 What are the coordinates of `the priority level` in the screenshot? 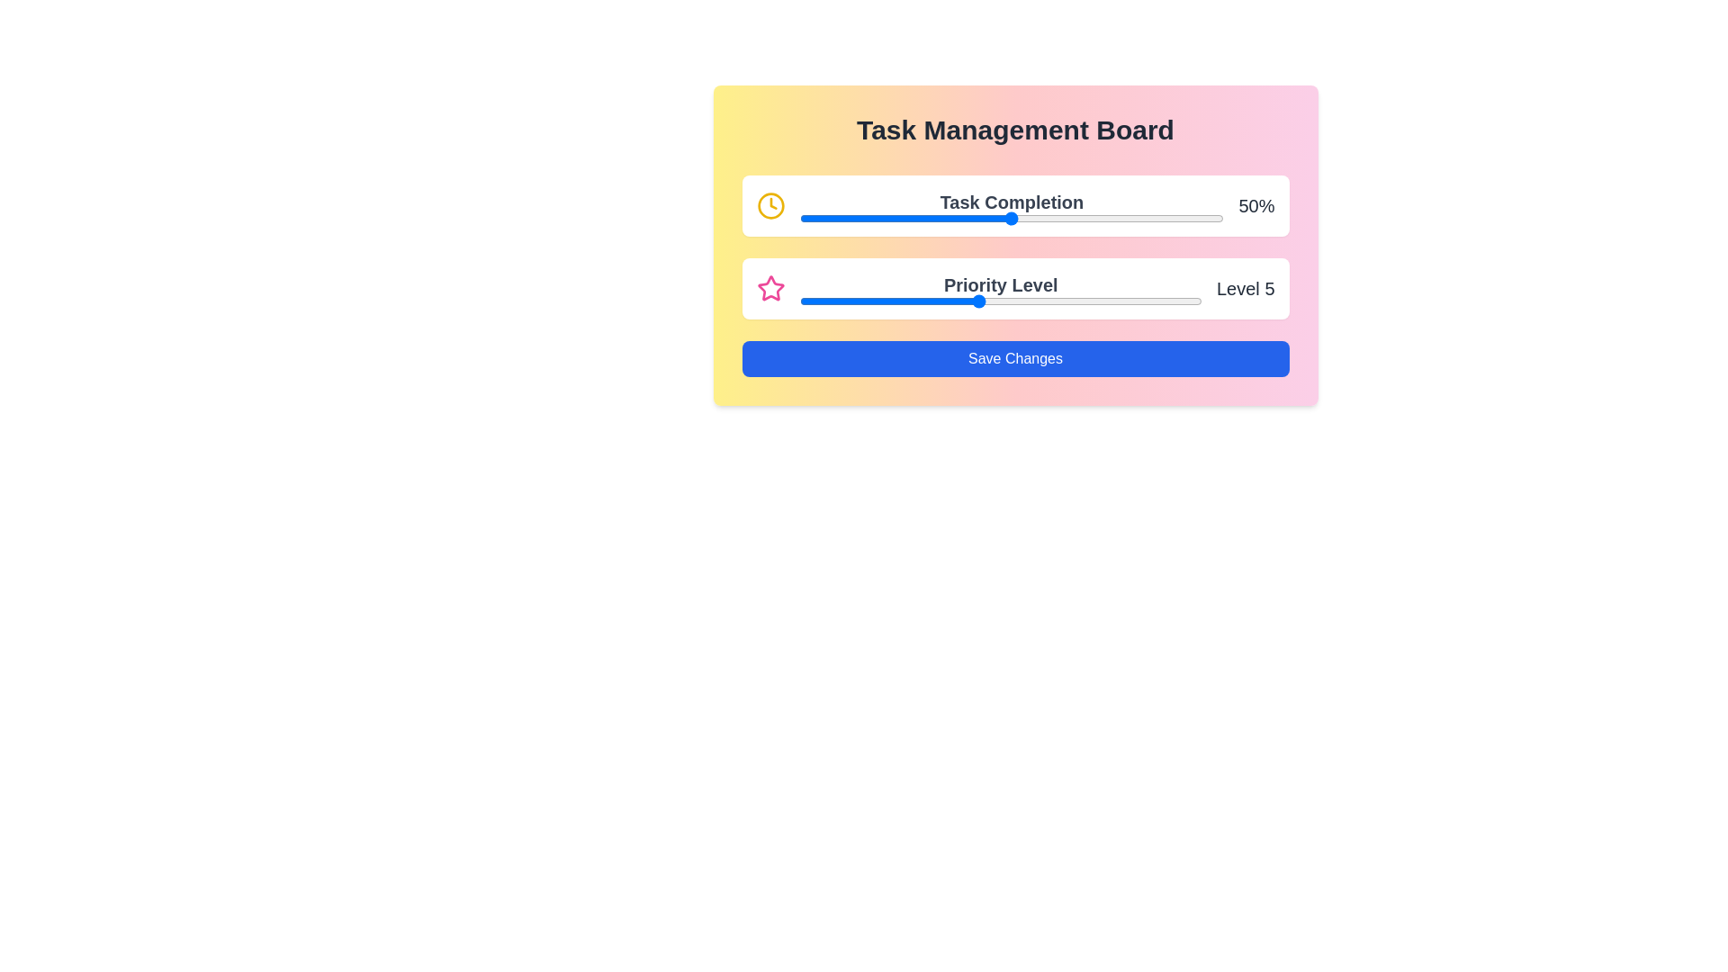 It's located at (889, 301).